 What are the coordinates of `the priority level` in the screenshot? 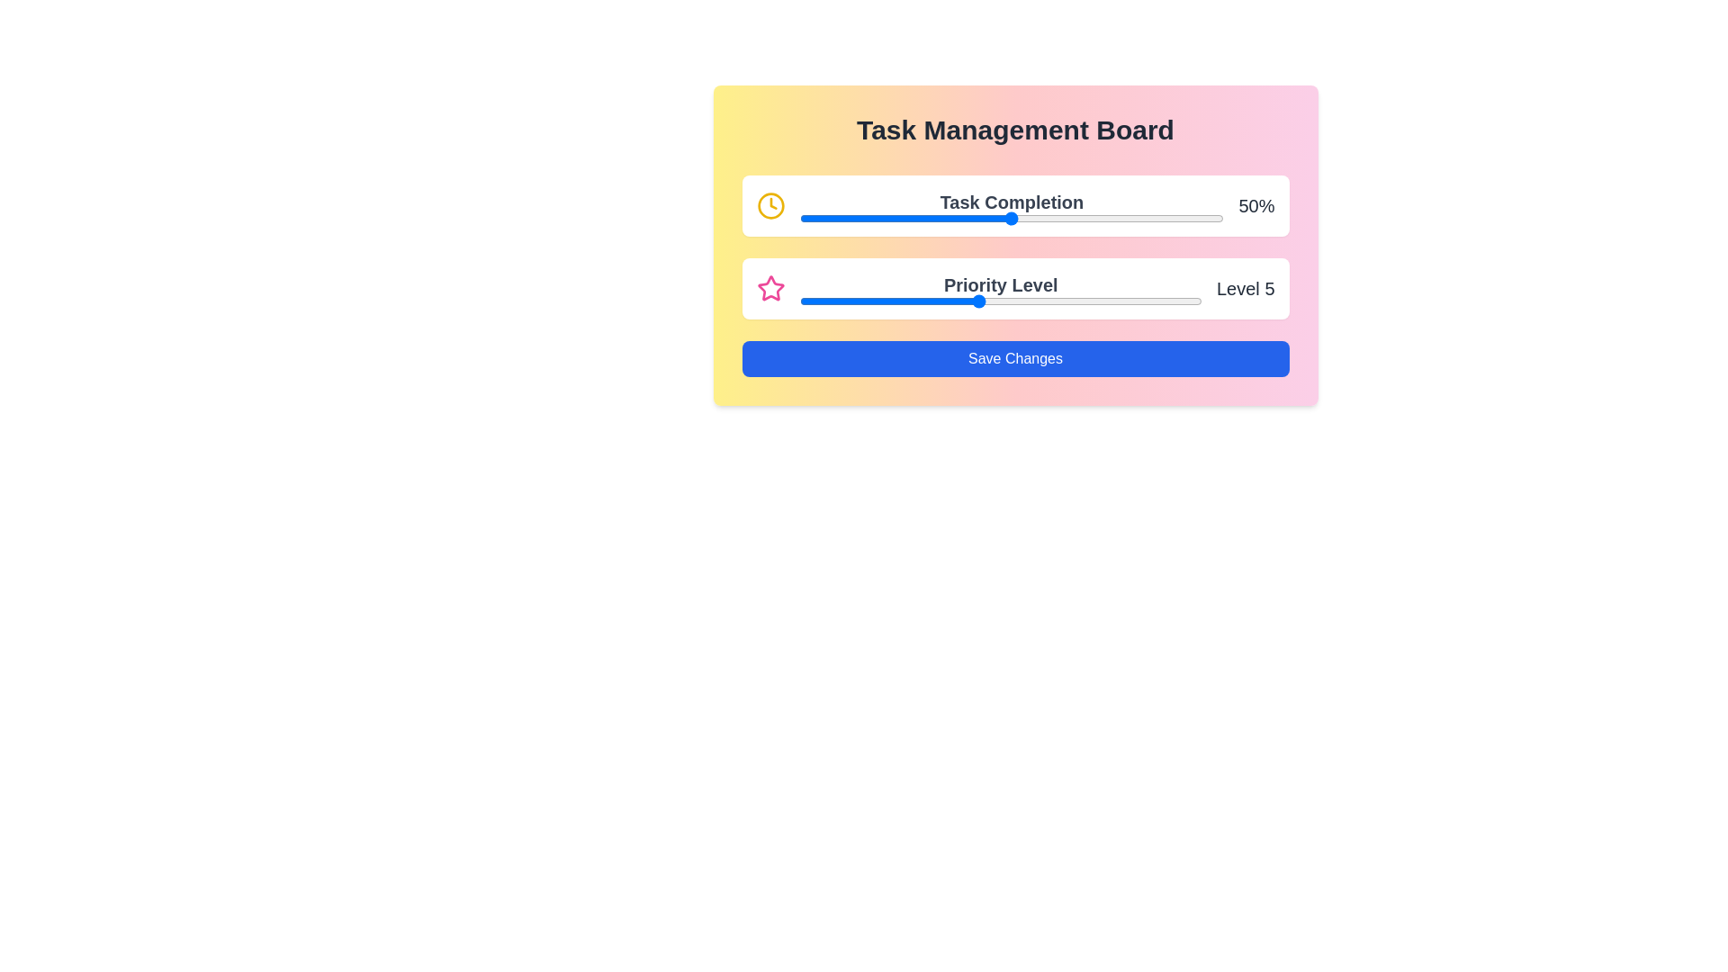 It's located at (889, 301).